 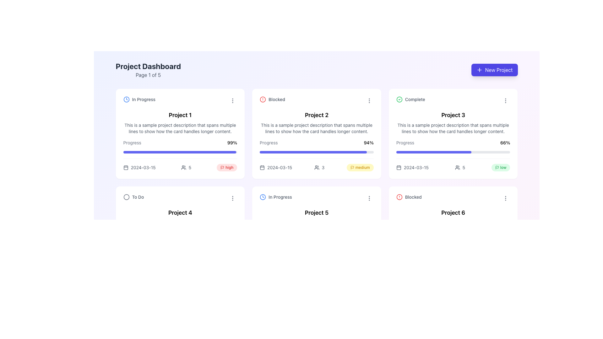 What do you see at coordinates (272, 99) in the screenshot?
I see `status information from the 'Blocked' status marker, which features a red warning icon in the second card labeled 'Project 2'` at bounding box center [272, 99].